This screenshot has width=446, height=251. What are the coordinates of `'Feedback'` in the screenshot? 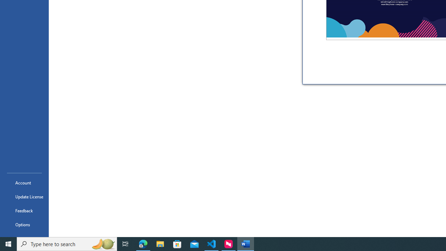 It's located at (24, 210).